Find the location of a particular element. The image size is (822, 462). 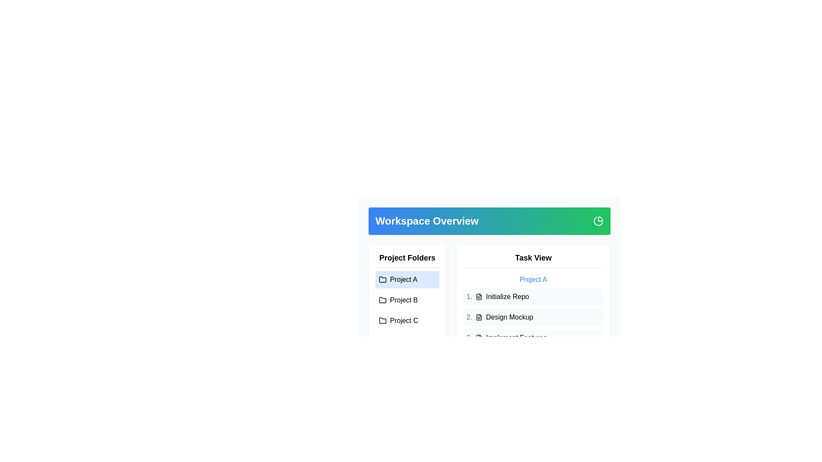

the bold header text 'Workspace Overview' to potentially reveal tooltips is located at coordinates (427, 220).